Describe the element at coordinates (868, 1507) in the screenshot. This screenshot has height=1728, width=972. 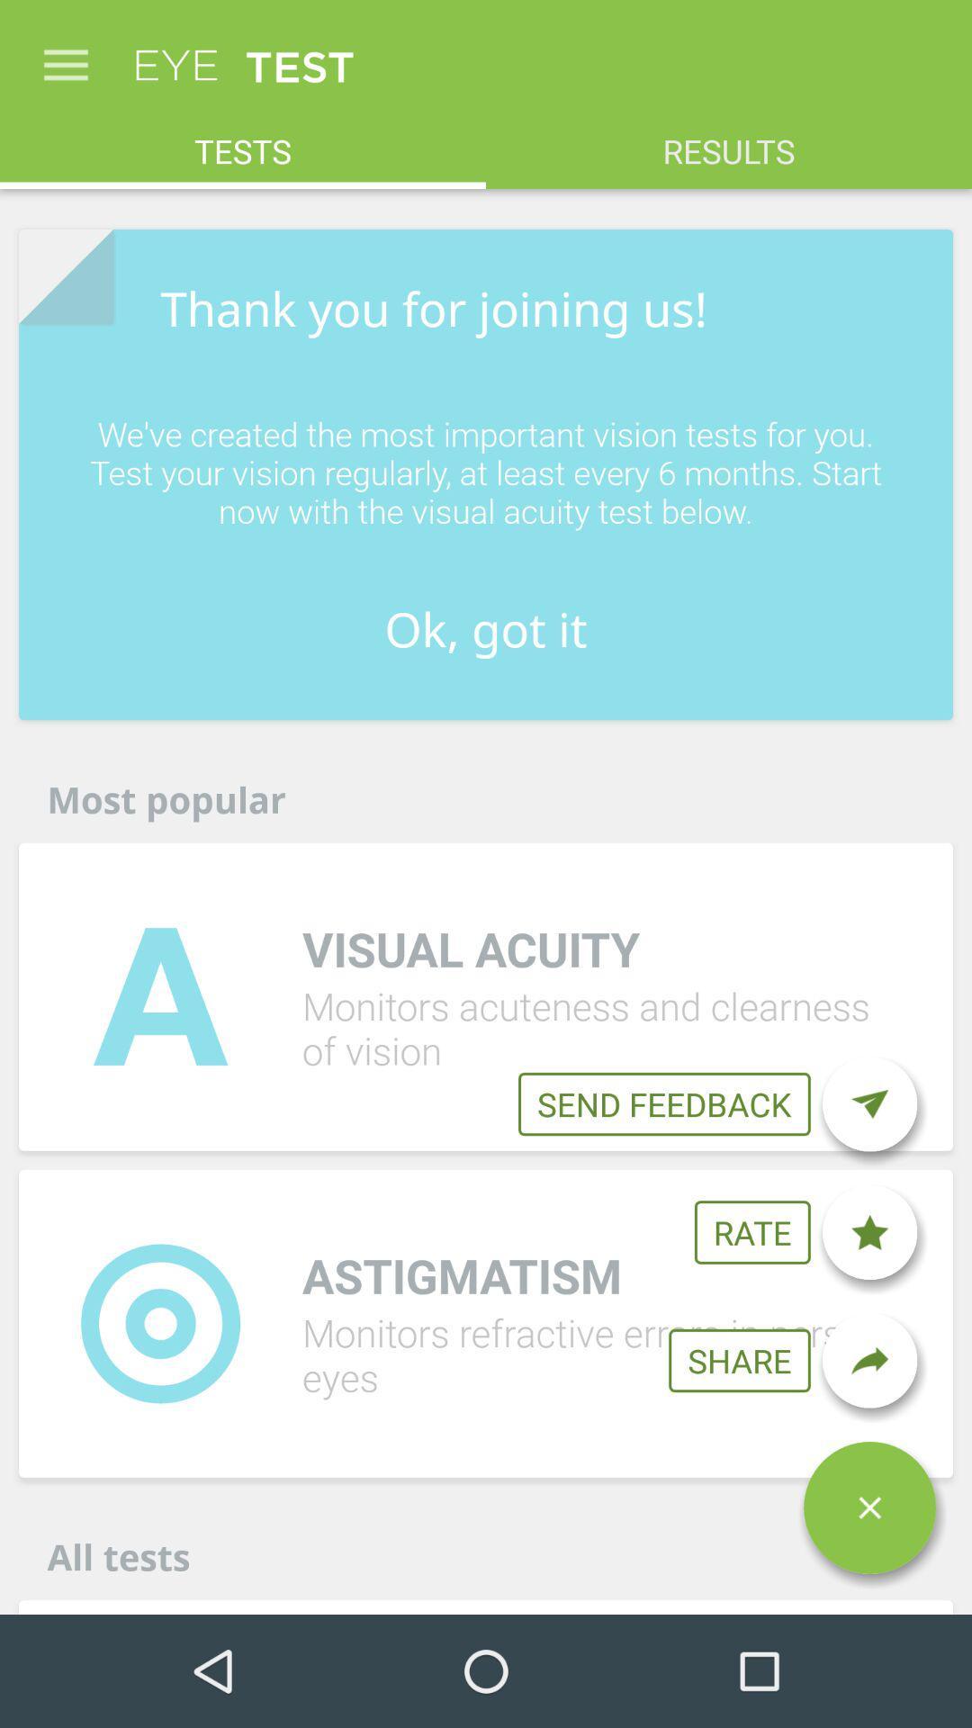
I see `the close icon` at that location.